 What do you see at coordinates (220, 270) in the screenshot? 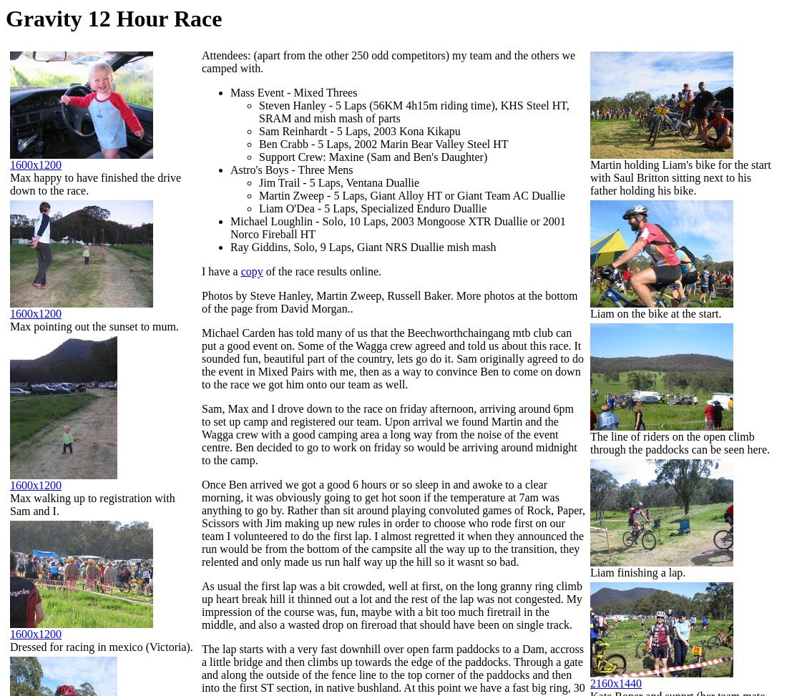
I see `'I have a'` at bounding box center [220, 270].